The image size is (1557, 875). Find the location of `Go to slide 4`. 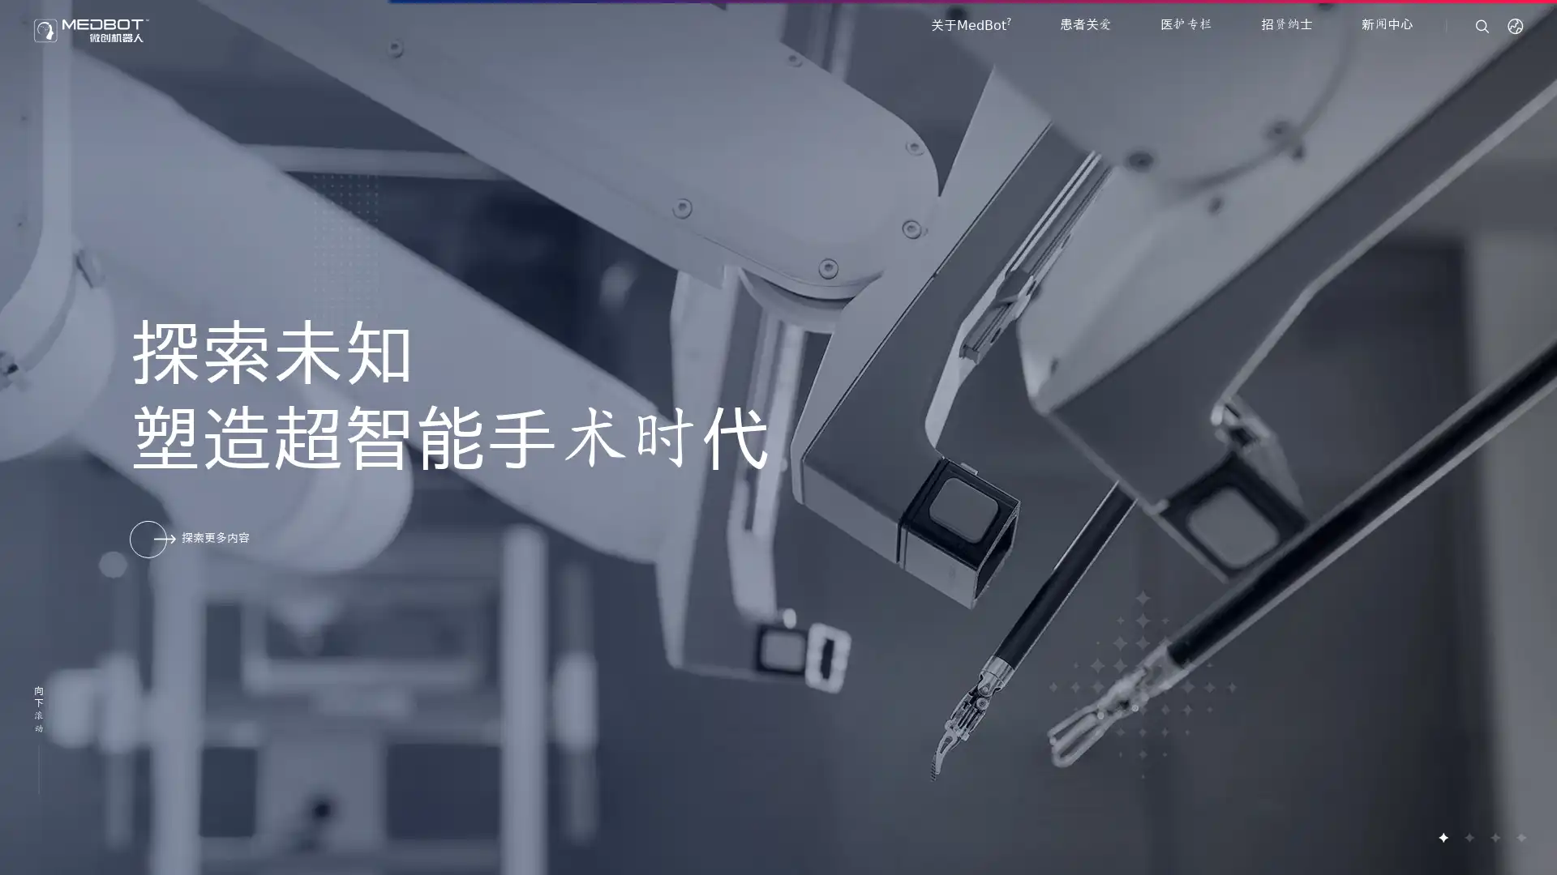

Go to slide 4 is located at coordinates (1520, 837).